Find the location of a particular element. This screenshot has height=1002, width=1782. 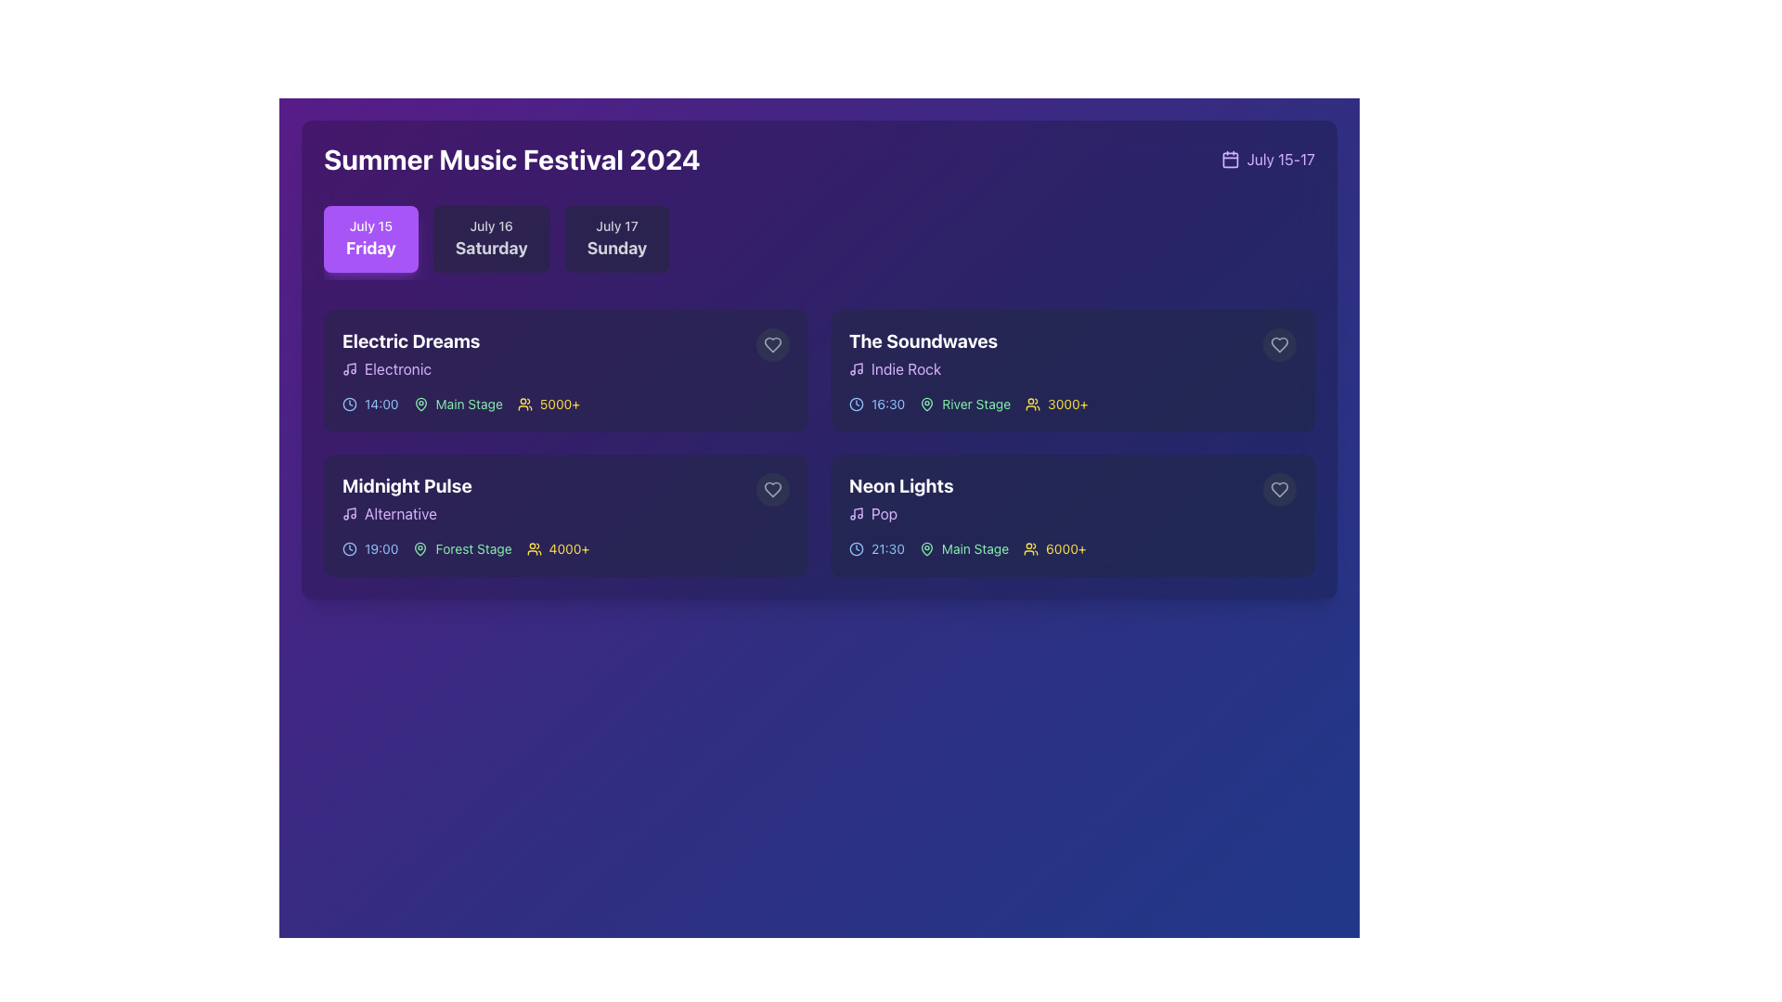

the bold, white text element displaying 'The Soundwaves', which is centered in the right-most card of the second row, above the subtitle 'Indie Rock' is located at coordinates (923, 340).